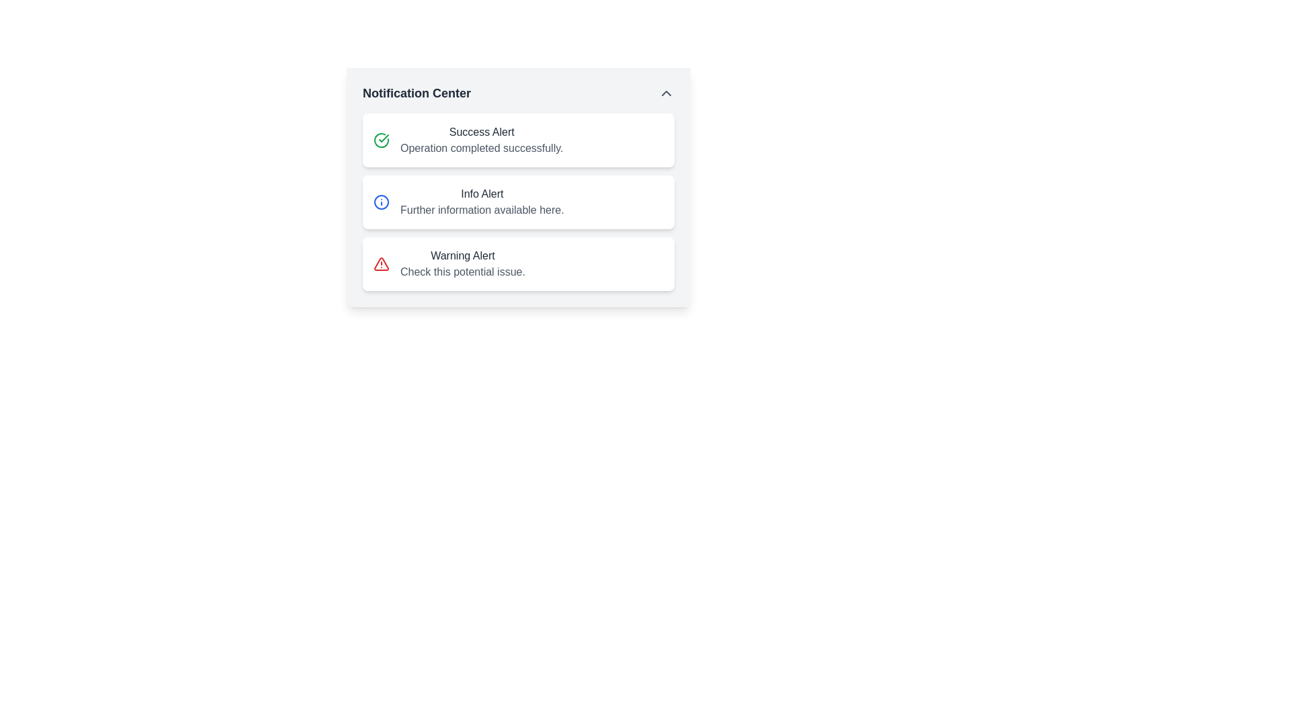 Image resolution: width=1290 pixels, height=726 pixels. What do you see at coordinates (518, 202) in the screenshot?
I see `the links present in the Information Alert Card, which features a blue 'i' icon, bold 'Info Alert' text, and additional information in dark gray` at bounding box center [518, 202].